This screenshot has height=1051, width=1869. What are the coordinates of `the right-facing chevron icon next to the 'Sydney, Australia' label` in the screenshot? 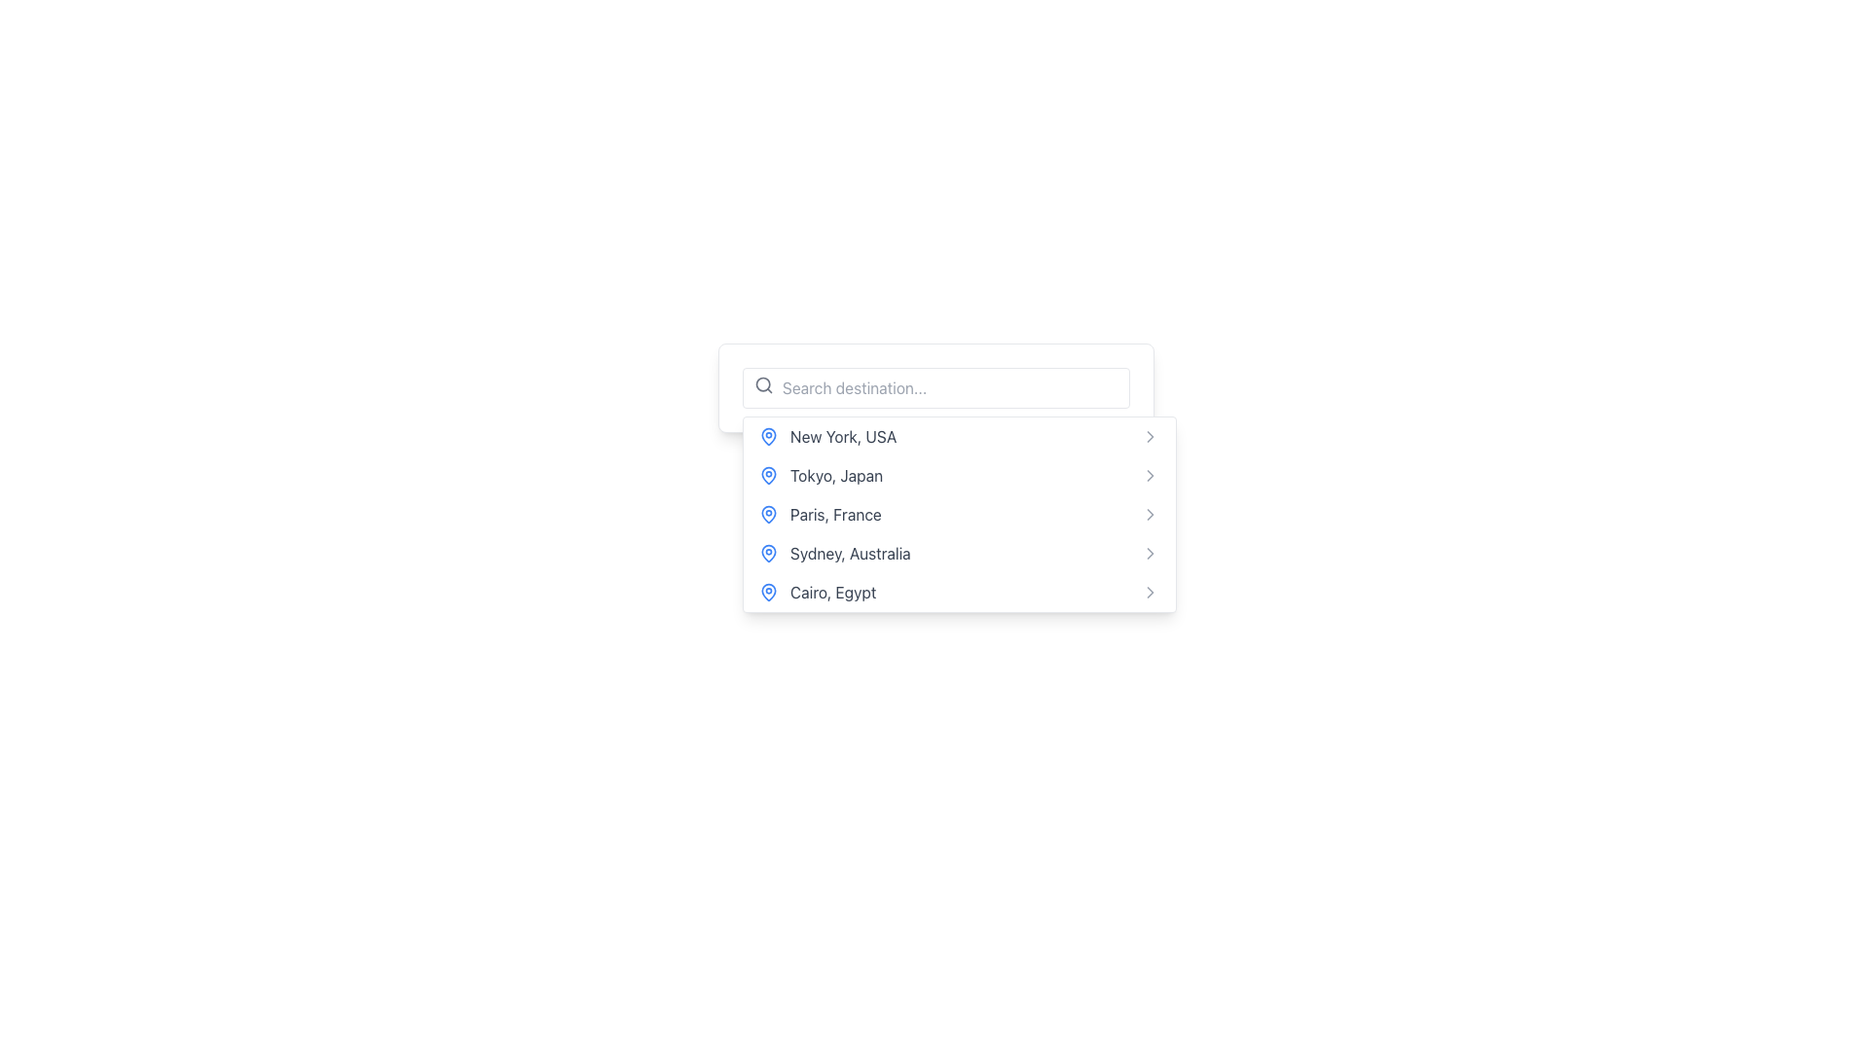 It's located at (1150, 554).